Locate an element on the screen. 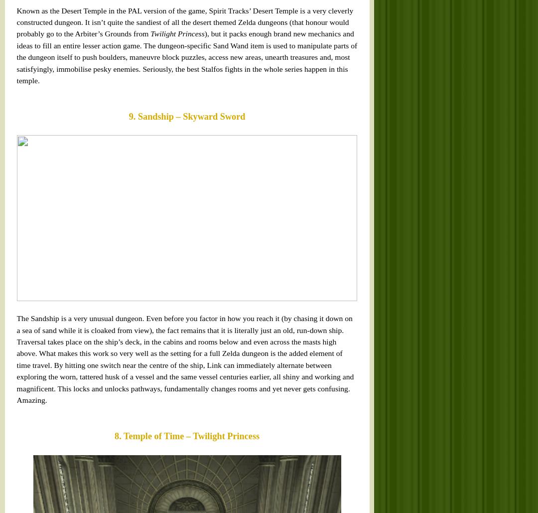 The height and width of the screenshot is (513, 538). ', following rumours that it originally existed as such in' is located at coordinates (149, 151).